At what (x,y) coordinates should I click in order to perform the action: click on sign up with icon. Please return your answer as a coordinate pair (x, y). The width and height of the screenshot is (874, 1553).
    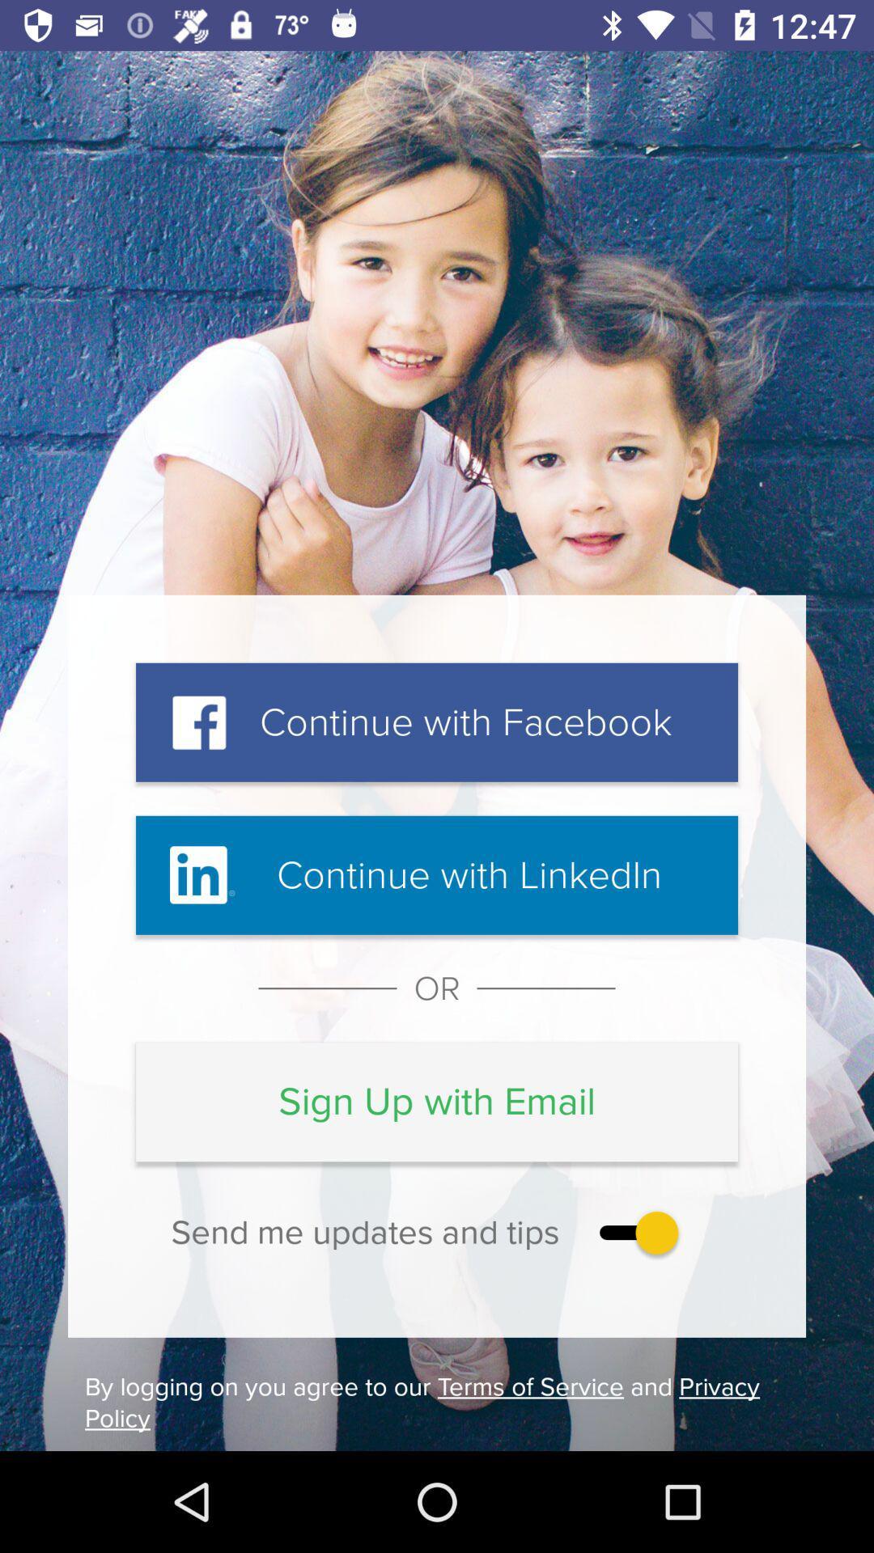
    Looking at the image, I should click on (437, 1101).